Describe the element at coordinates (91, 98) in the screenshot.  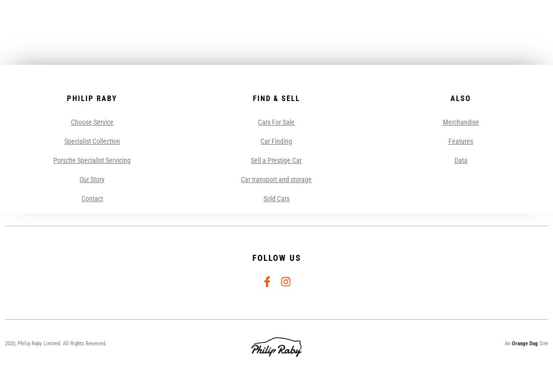
I see `'Philip Raby'` at that location.